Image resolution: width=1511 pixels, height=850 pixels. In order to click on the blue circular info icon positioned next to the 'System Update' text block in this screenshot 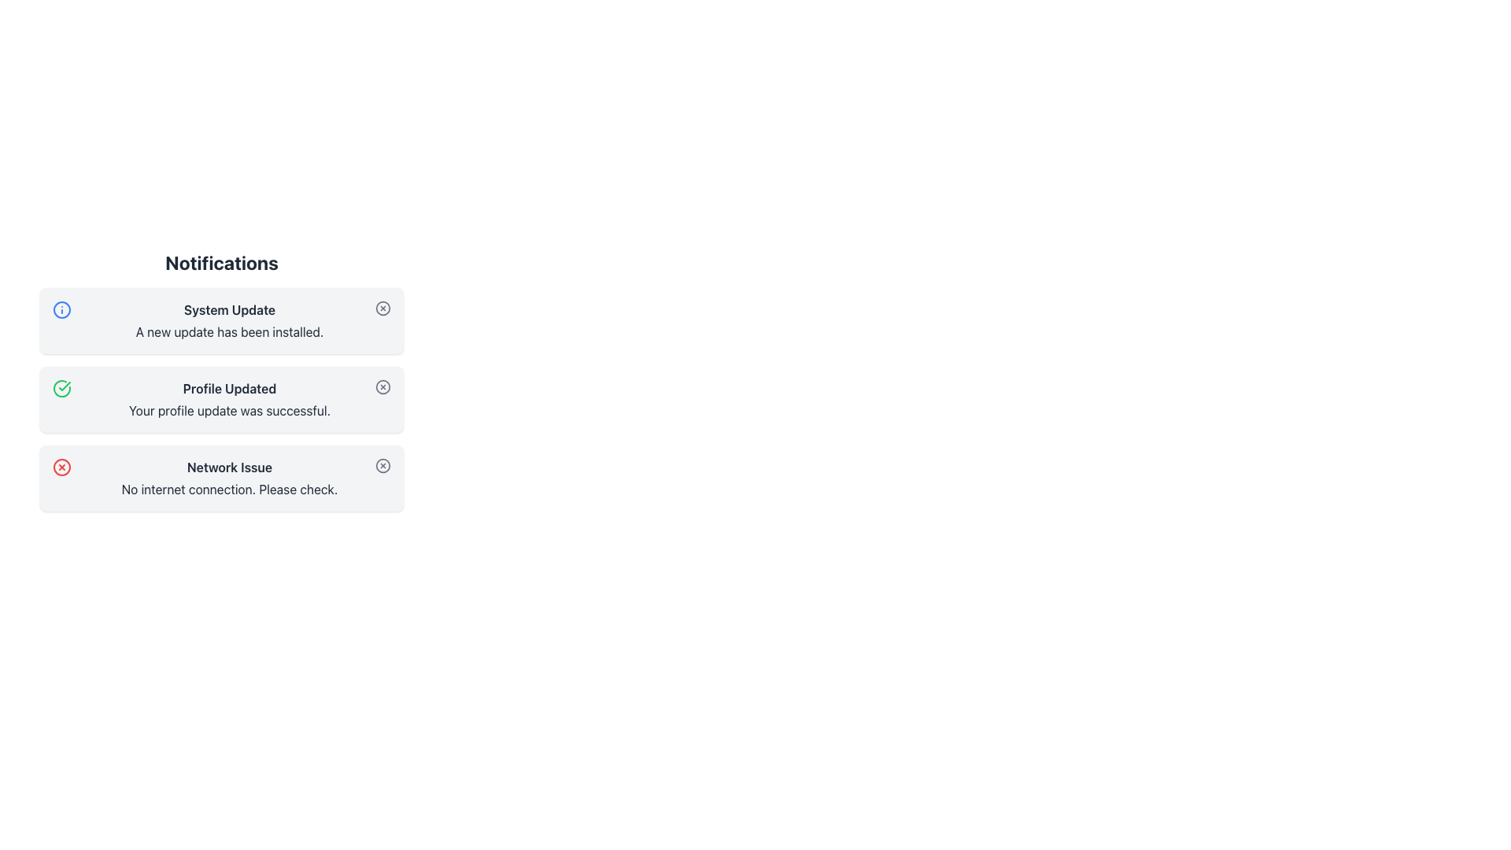, I will do `click(61, 309)`.